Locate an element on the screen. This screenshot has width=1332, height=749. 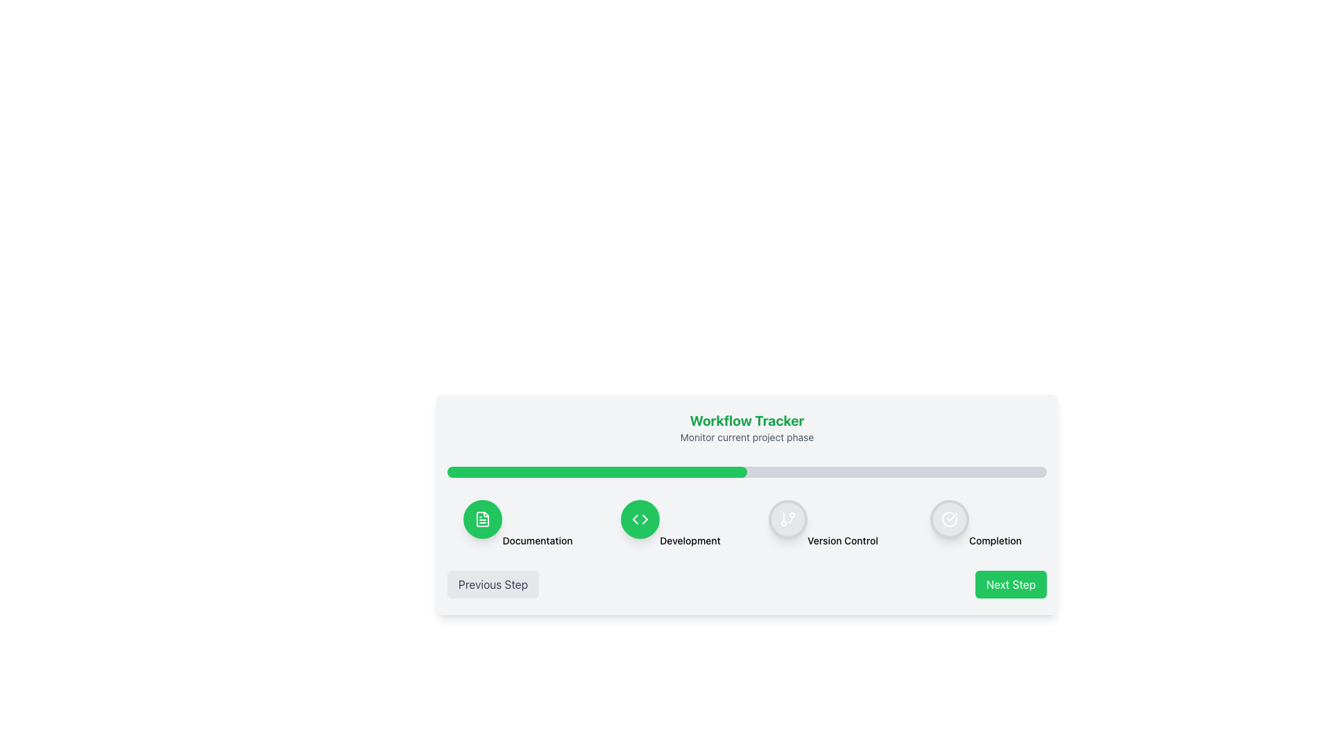
the SVG icon inside the green circular button that represents the 'Development' step in the progress tracker interface is located at coordinates (640, 519).